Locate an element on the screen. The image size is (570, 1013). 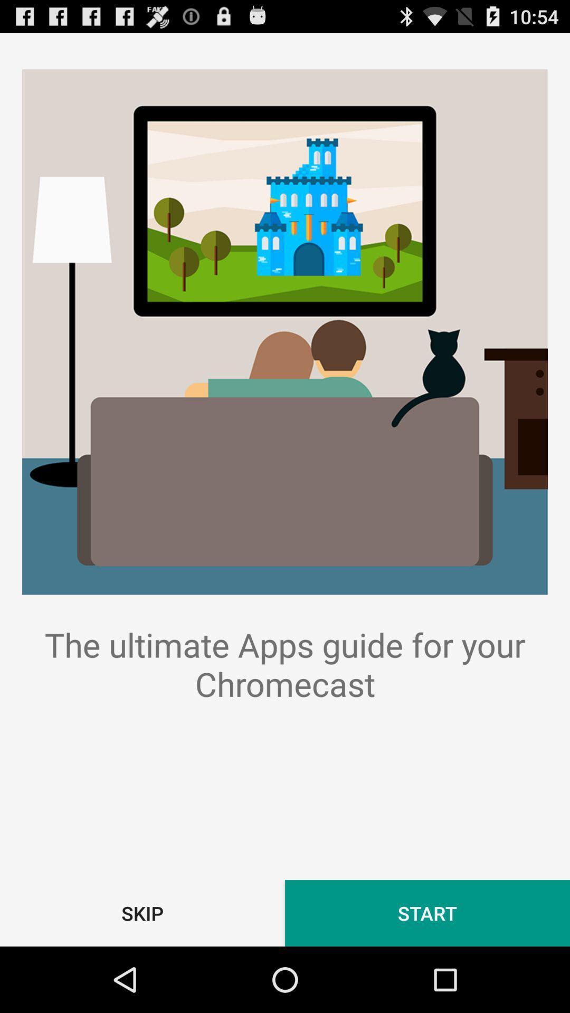
item at the bottom left corner is located at coordinates (142, 913).